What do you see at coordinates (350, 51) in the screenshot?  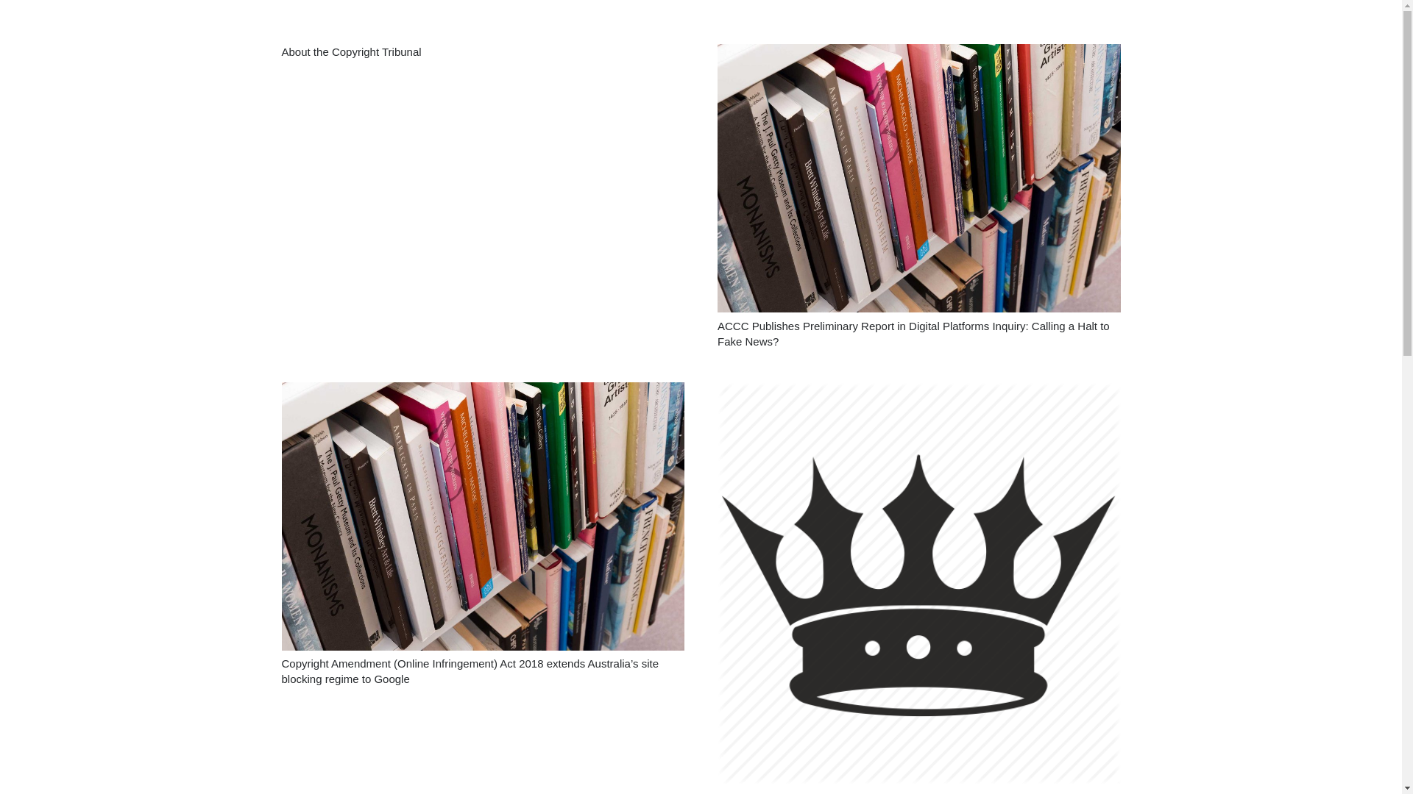 I see `'About the Copyright Tribunal'` at bounding box center [350, 51].